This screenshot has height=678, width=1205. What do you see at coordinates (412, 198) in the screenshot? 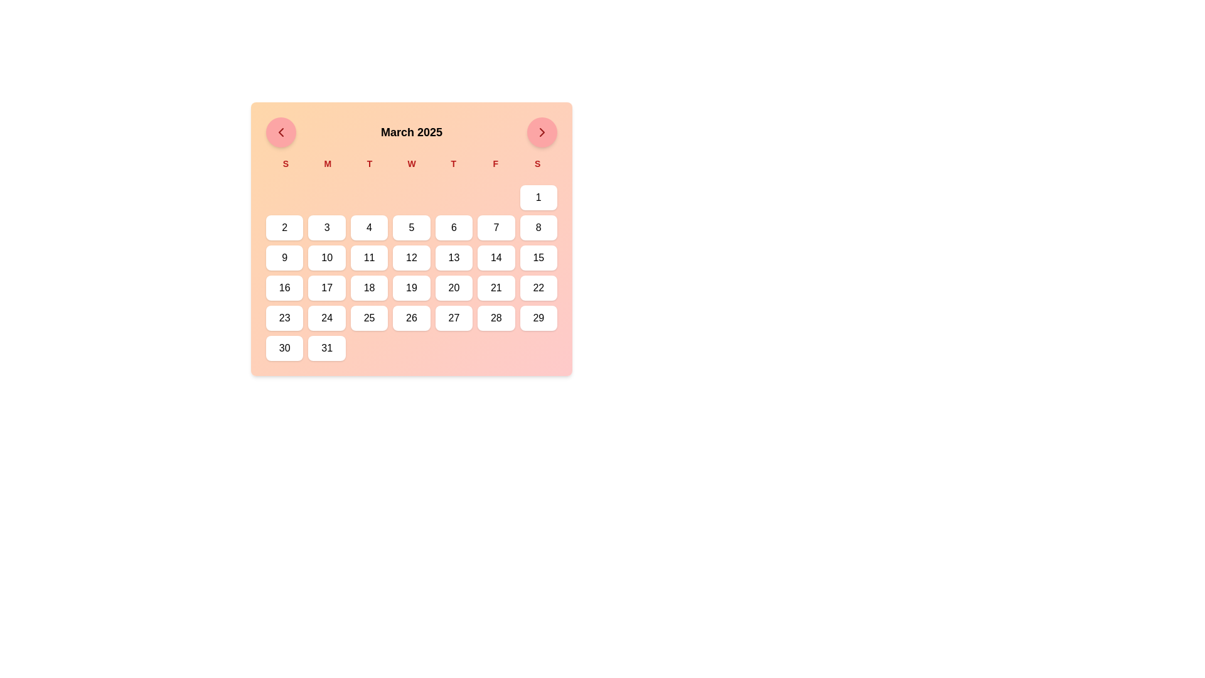
I see `the decorative or placeholder element located in the fourth position from the left in the first row of the calendar grid layout` at bounding box center [412, 198].